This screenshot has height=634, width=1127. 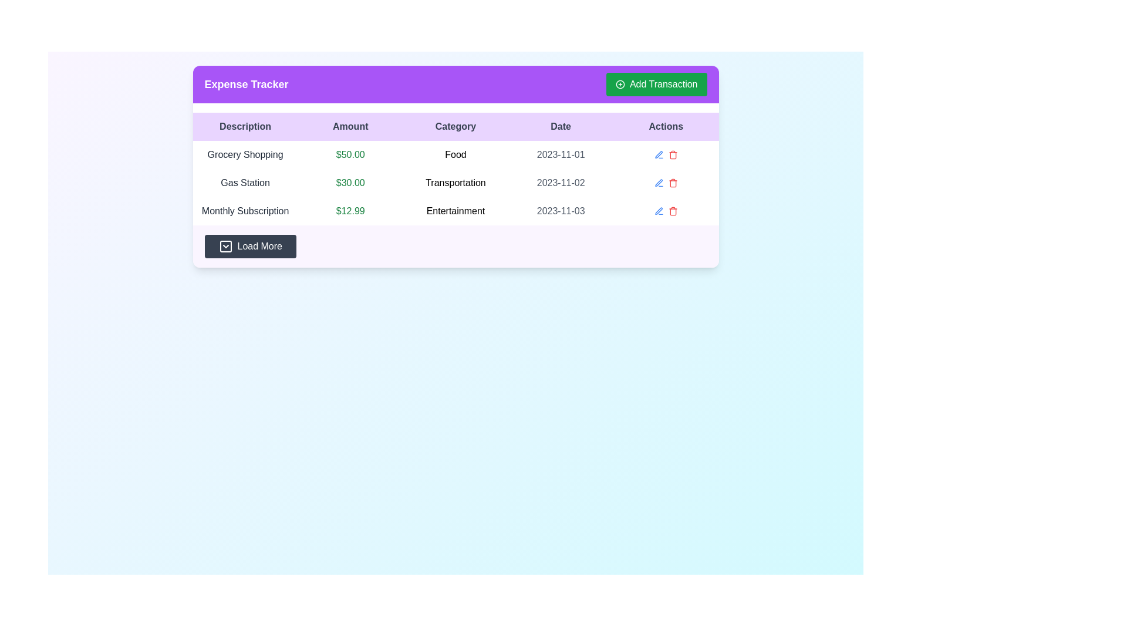 I want to click on the text label located in the application header, which serves as a title or identifier and is positioned near the left side of a purple bar, before the 'Add Transaction' button, so click(x=246, y=83).